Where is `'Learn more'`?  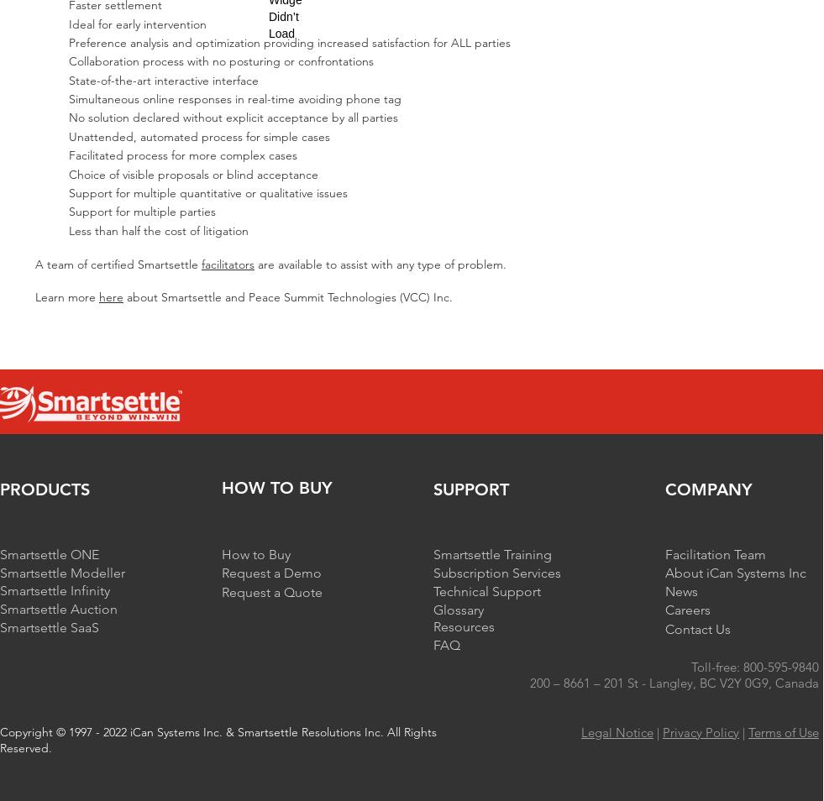
'Learn more' is located at coordinates (34, 296).